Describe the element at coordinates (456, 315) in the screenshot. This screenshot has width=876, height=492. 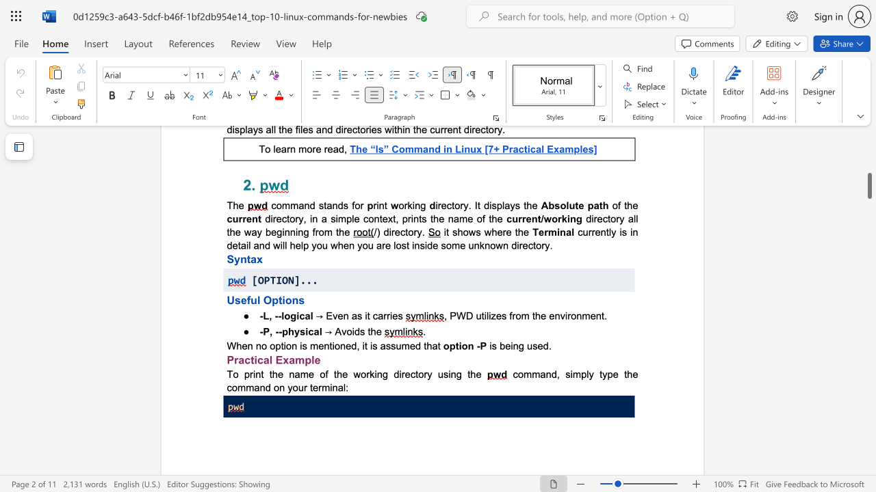
I see `the subset text "WD utilizes fr" within the text ", PWD utilizes from the environment."` at that location.